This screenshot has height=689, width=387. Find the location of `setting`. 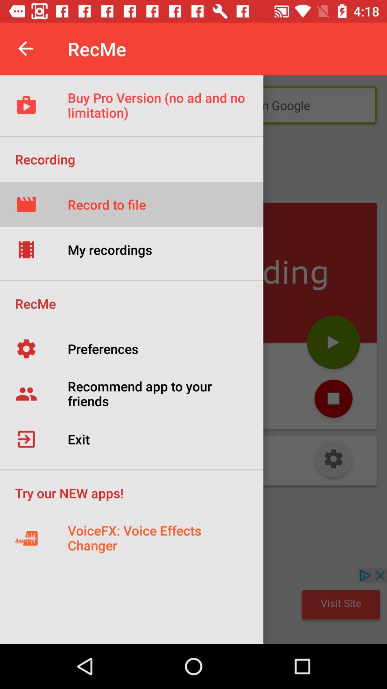

setting is located at coordinates (333, 460).